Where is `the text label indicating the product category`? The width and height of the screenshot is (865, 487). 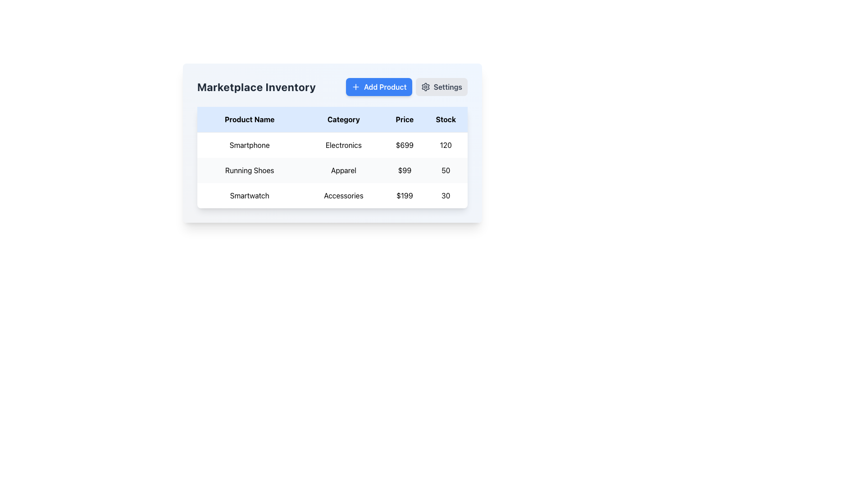 the text label indicating the product category is located at coordinates (343, 195).